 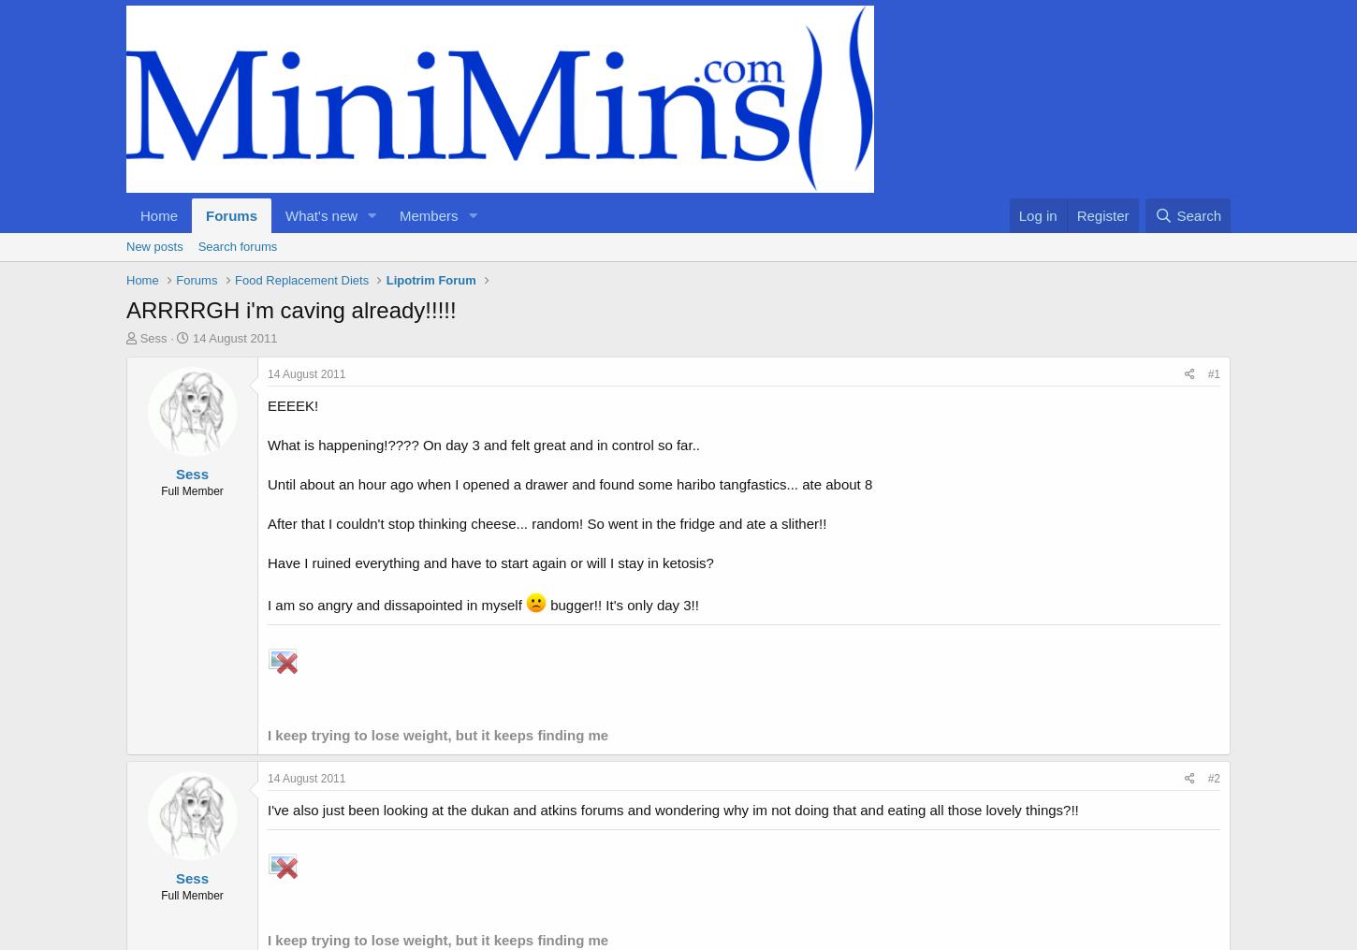 What do you see at coordinates (1198, 214) in the screenshot?
I see `'Search'` at bounding box center [1198, 214].